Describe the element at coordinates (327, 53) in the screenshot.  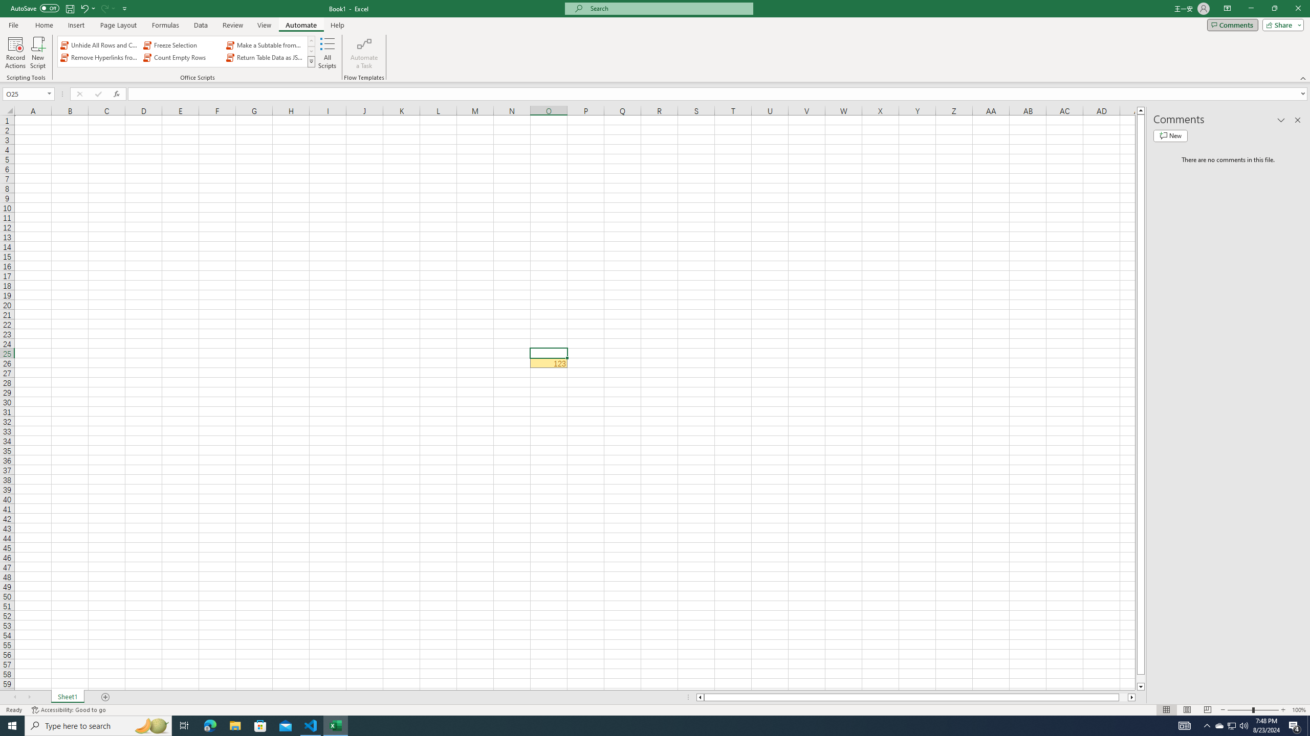
I see `'All Scripts'` at that location.